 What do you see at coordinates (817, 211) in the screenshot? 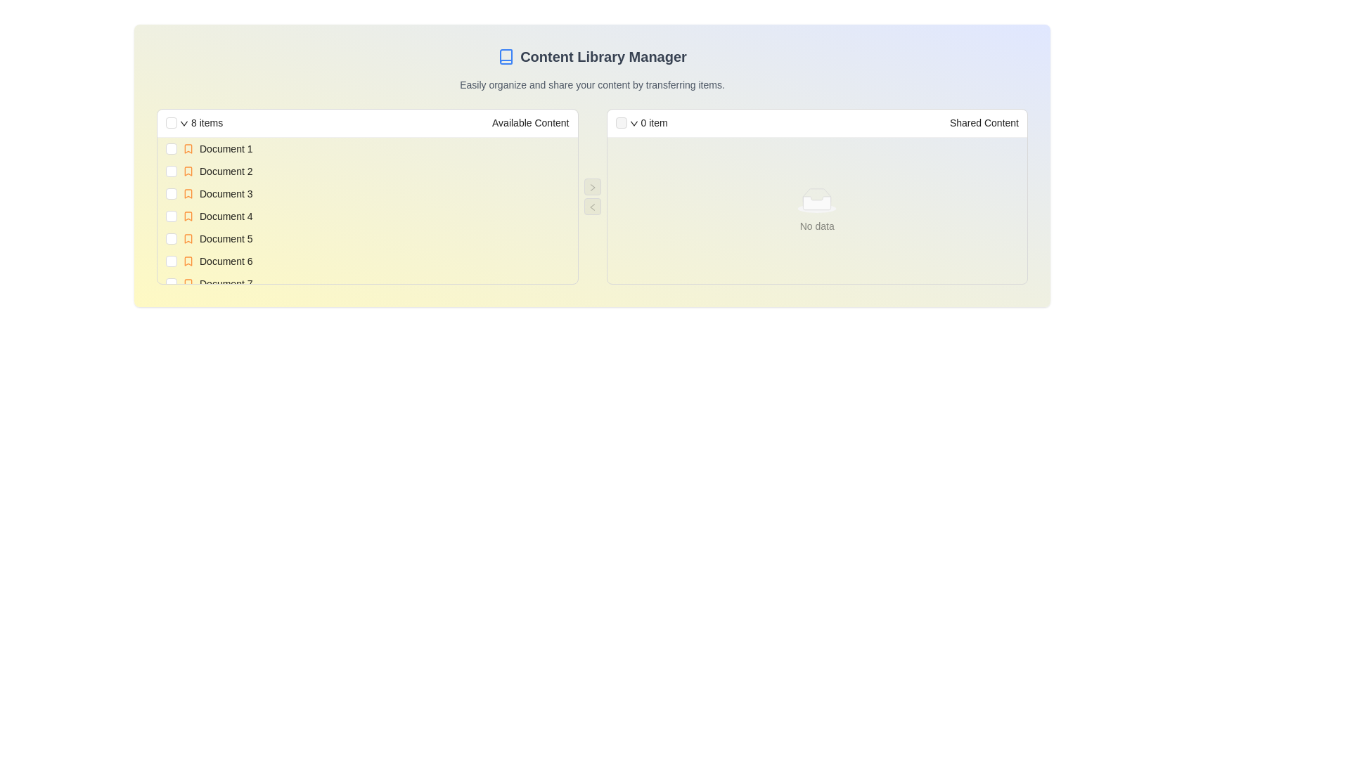
I see `the Empty state notification within the 'Shared Content' section, which indicates that no content is available` at bounding box center [817, 211].